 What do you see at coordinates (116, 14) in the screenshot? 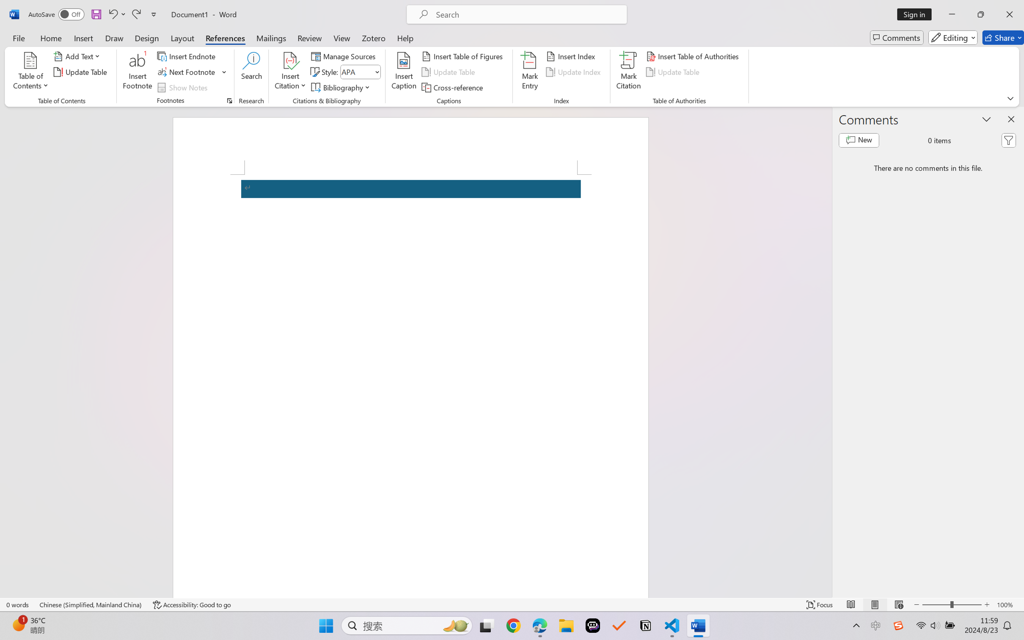
I see `'Undo Apply Quick Style Set'` at bounding box center [116, 14].